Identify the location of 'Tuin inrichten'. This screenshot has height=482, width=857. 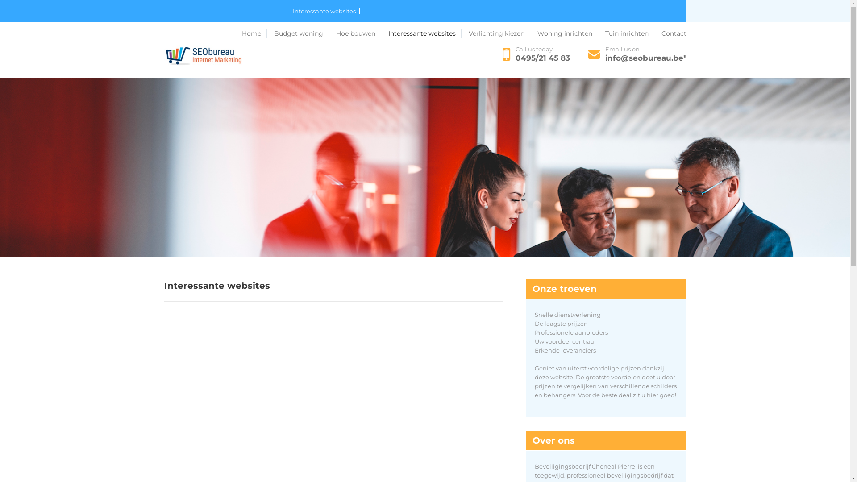
(621, 33).